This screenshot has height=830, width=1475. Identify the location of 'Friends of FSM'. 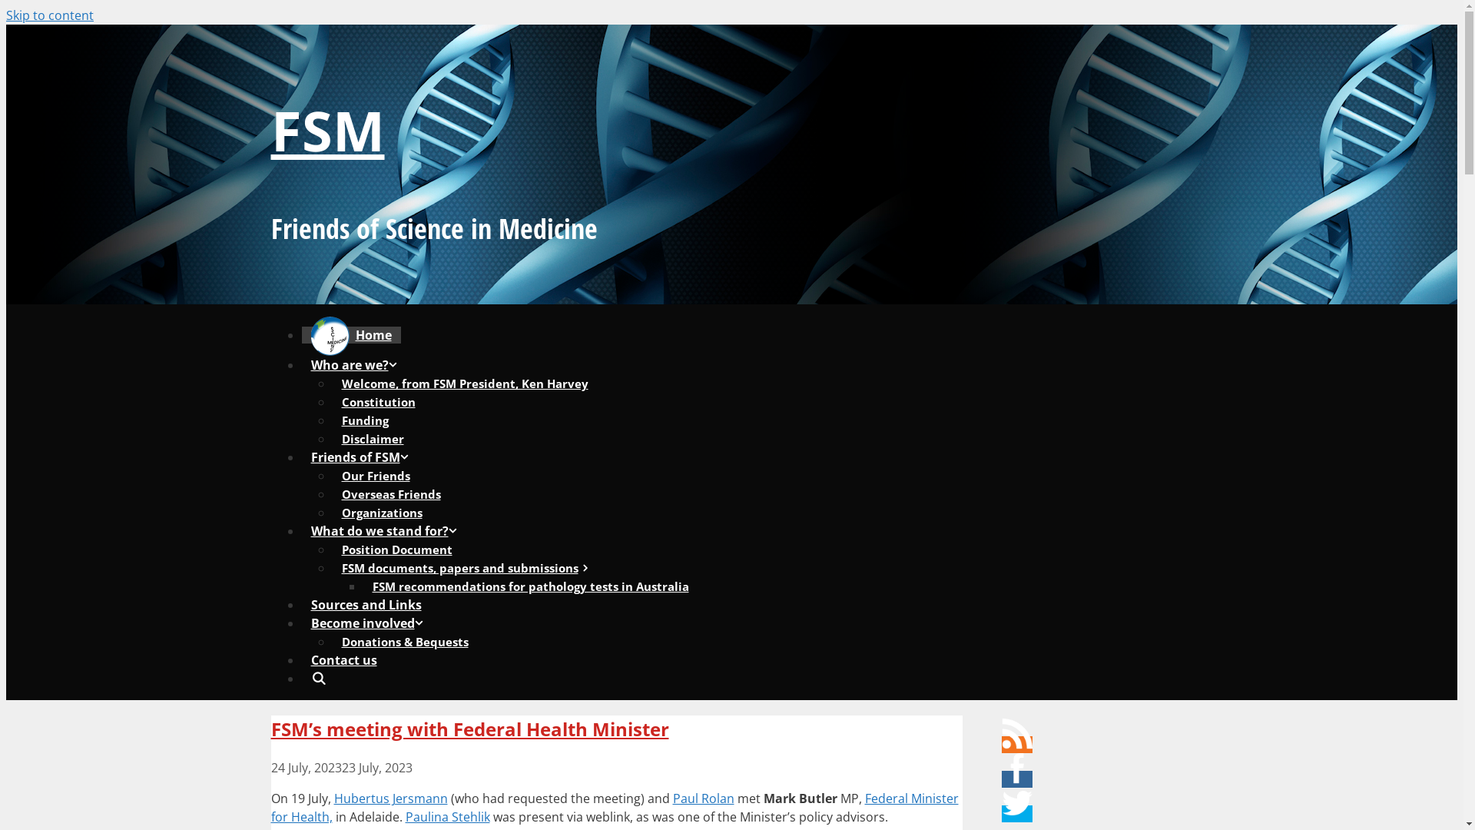
(363, 456).